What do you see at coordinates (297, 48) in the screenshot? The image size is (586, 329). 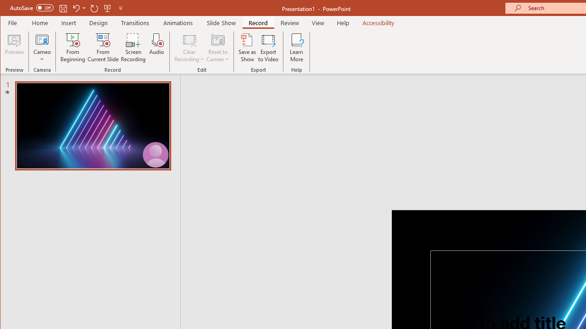 I see `'Learn More'` at bounding box center [297, 48].